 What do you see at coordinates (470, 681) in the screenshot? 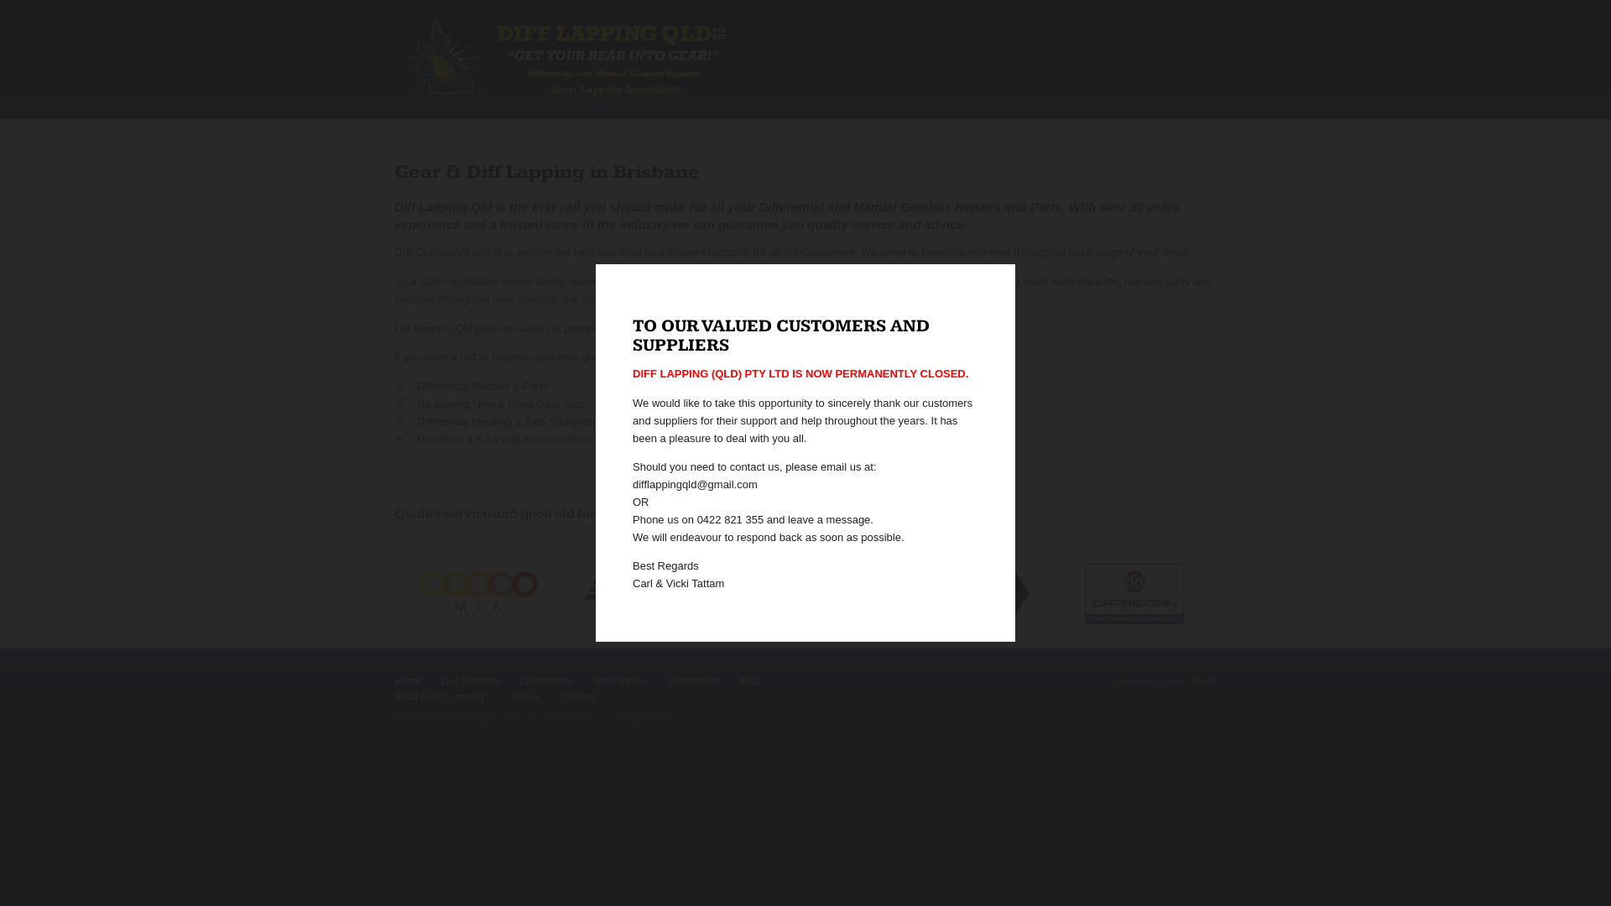
I see `'Our Services'` at bounding box center [470, 681].